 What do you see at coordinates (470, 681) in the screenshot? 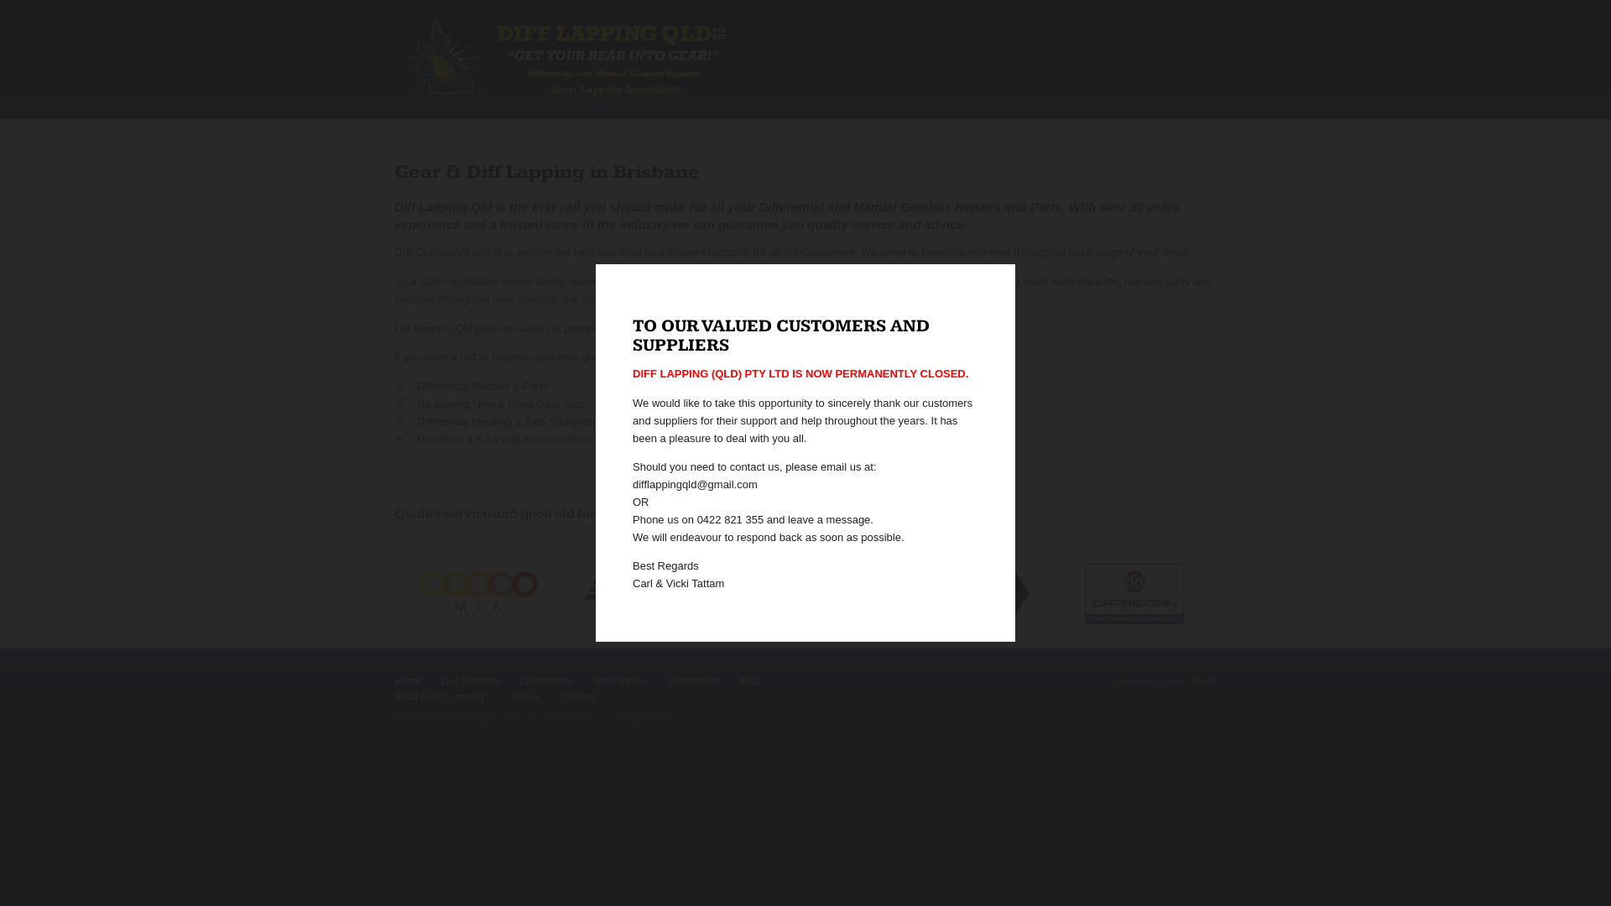
I see `'Our Services'` at bounding box center [470, 681].